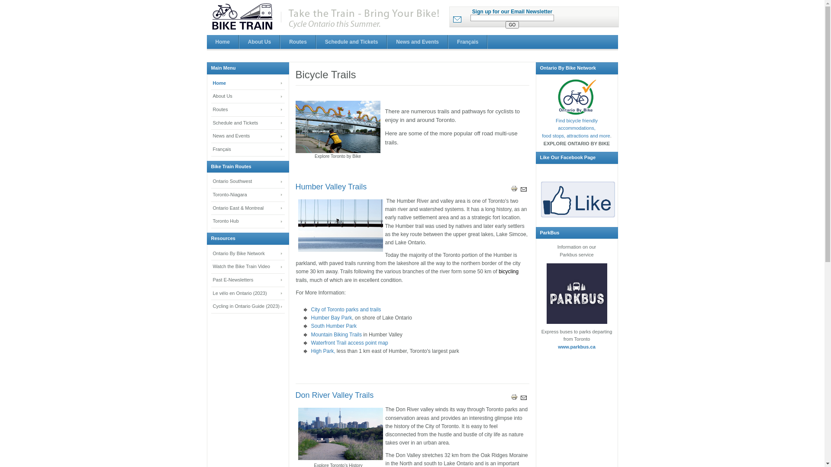 This screenshot has height=467, width=831. Describe the element at coordinates (211, 266) in the screenshot. I see `'Watch the Bike Train Video'` at that location.